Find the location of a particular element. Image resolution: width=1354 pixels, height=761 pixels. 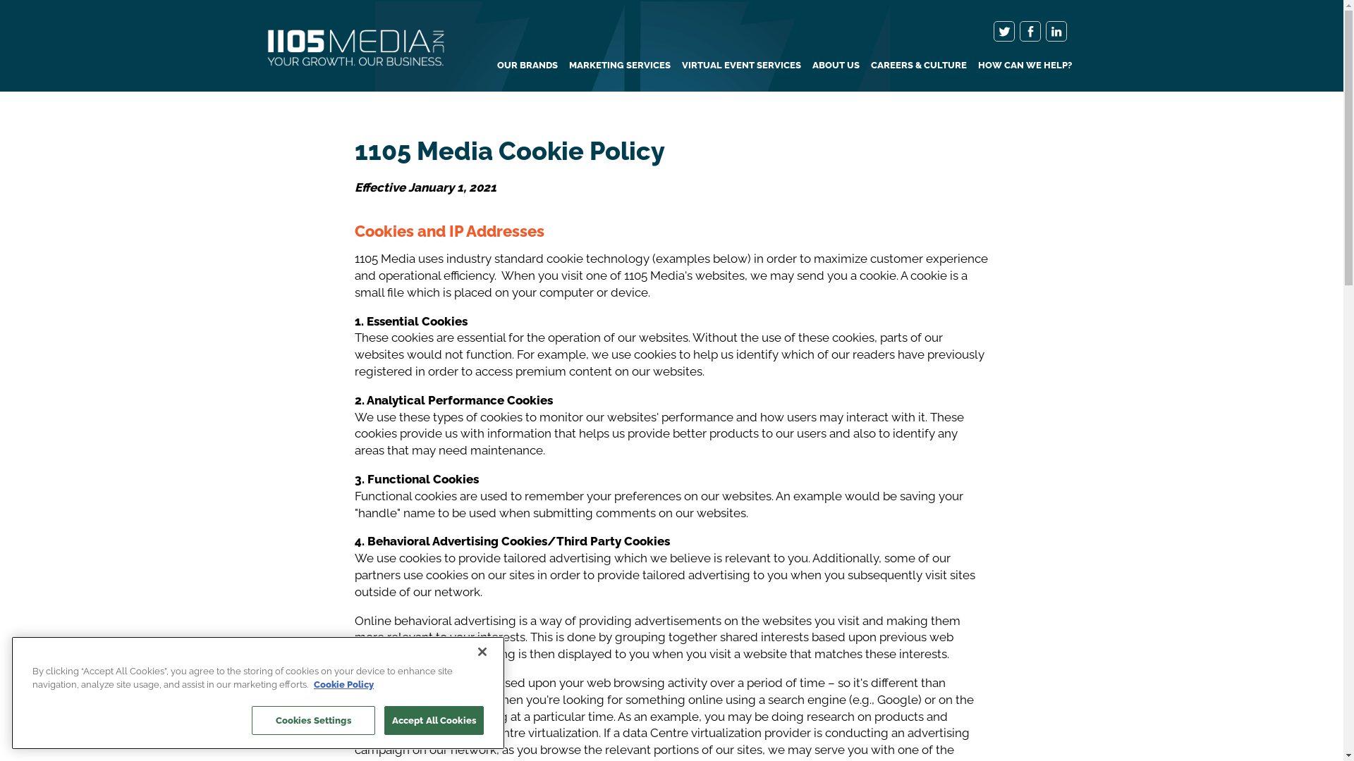

'OUR BRANDS' is located at coordinates (526, 65).